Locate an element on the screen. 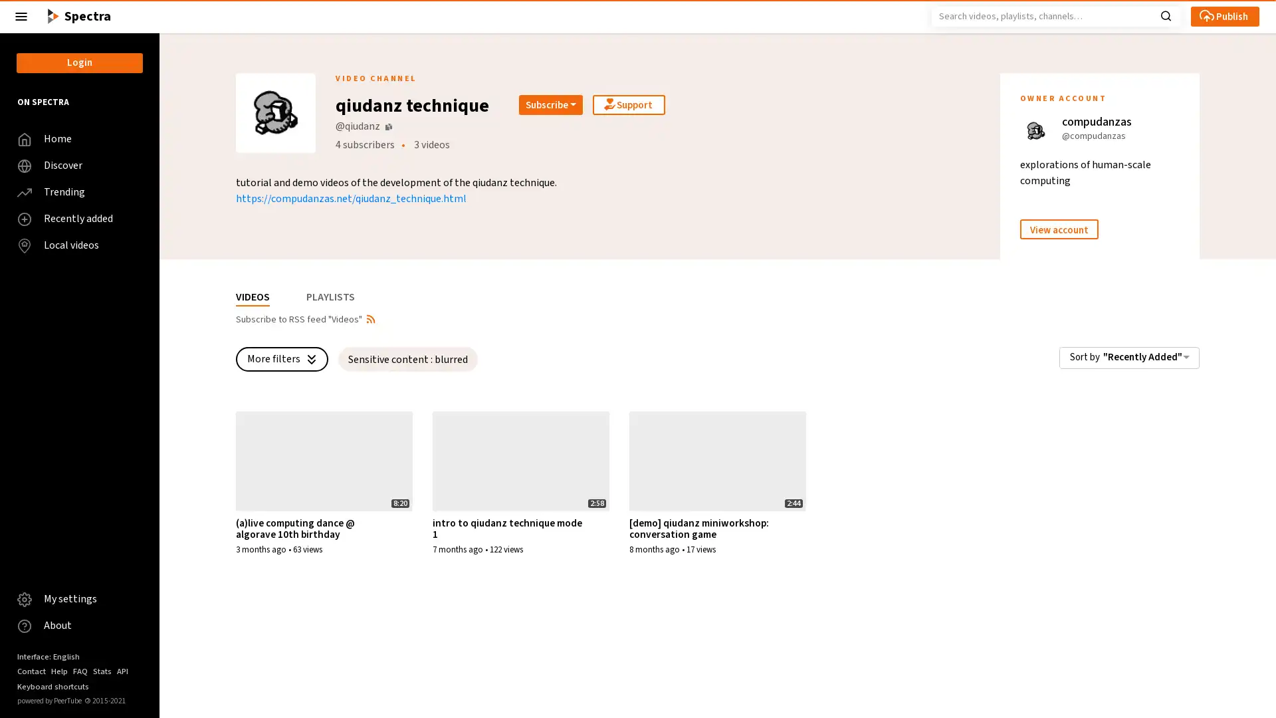 The height and width of the screenshot is (718, 1276). Support is located at coordinates (628, 104).